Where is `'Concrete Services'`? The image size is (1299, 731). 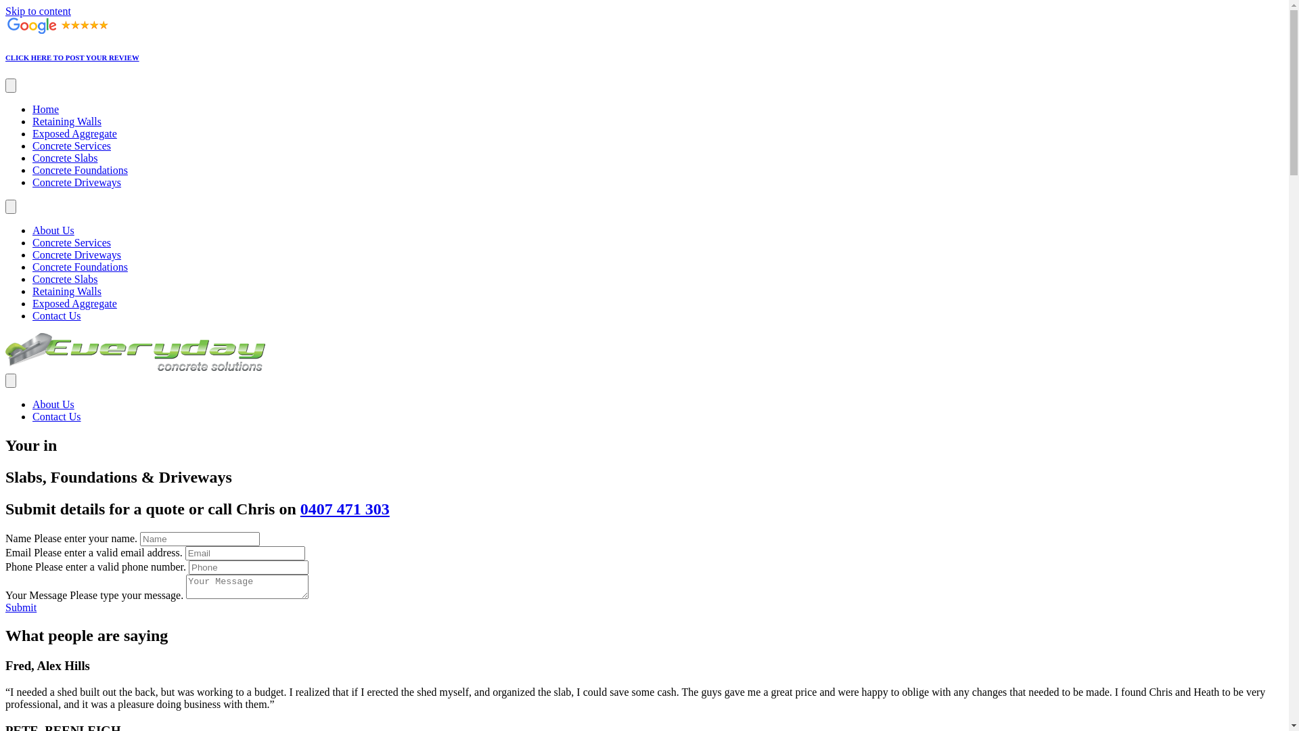
'Concrete Services' is located at coordinates (70, 146).